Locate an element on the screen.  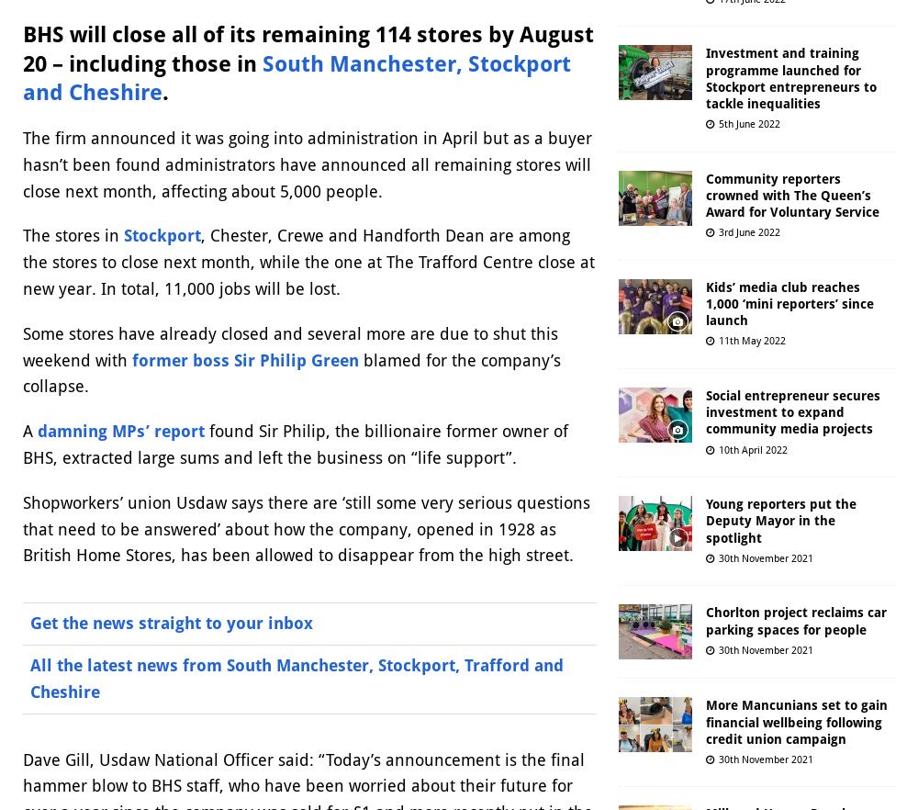
'10th April 2022' is located at coordinates (752, 448).